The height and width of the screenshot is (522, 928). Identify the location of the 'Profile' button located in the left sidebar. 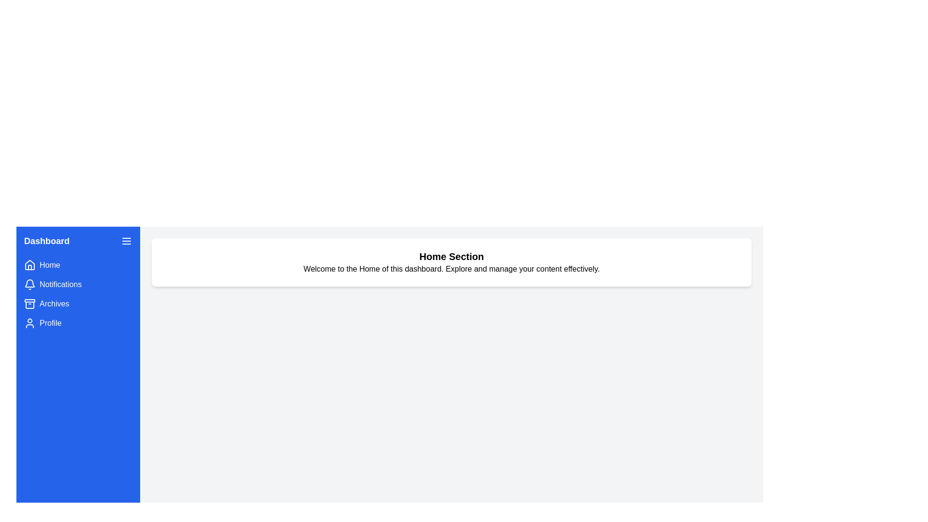
(78, 323).